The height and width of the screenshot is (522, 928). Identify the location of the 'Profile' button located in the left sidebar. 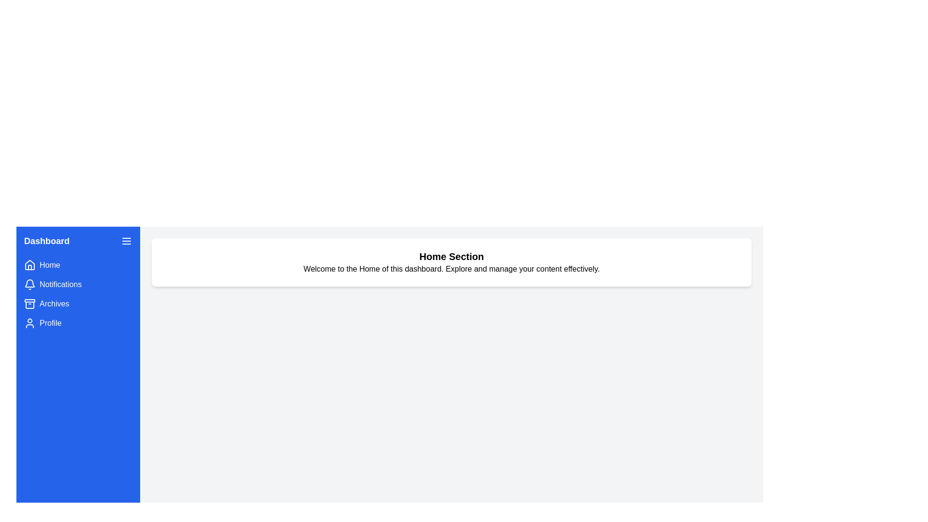
(78, 323).